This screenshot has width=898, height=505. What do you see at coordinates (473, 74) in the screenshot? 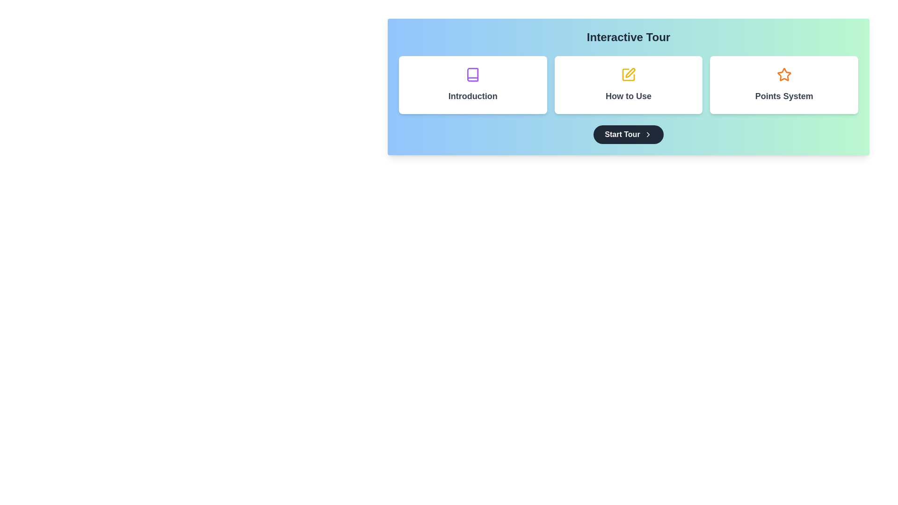
I see `purple segment of the book icon located in the leftmost 'Introduction' card within the 'Interactive Tour' header section` at bounding box center [473, 74].